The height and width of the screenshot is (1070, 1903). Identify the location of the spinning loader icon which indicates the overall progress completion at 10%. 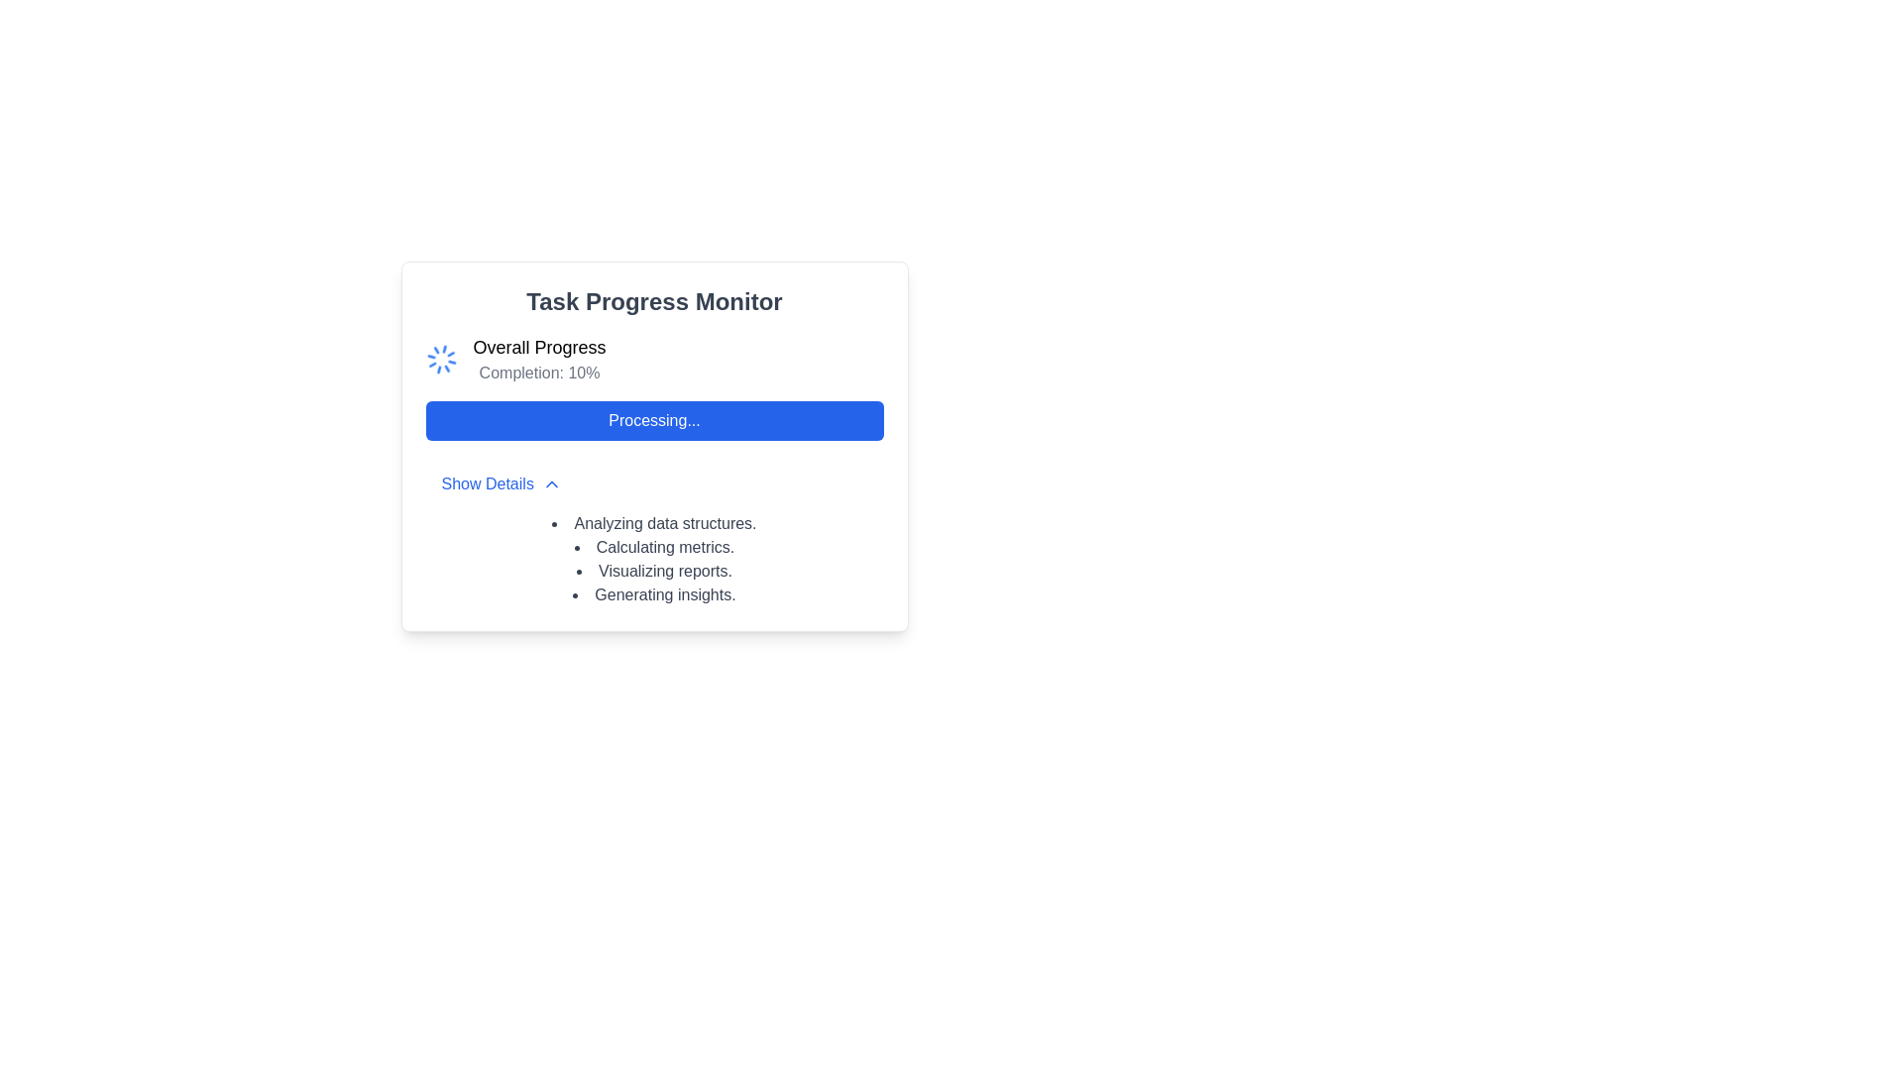
(440, 359).